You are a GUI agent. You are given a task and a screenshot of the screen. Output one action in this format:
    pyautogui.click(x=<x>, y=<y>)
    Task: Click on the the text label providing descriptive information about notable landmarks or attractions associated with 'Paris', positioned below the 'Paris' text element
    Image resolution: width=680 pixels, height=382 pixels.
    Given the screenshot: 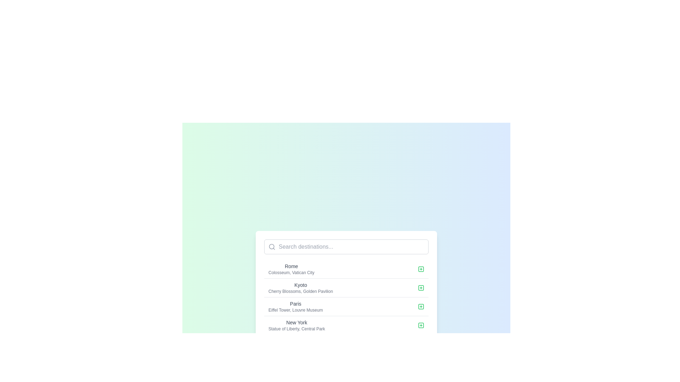 What is the action you would take?
    pyautogui.click(x=295, y=309)
    